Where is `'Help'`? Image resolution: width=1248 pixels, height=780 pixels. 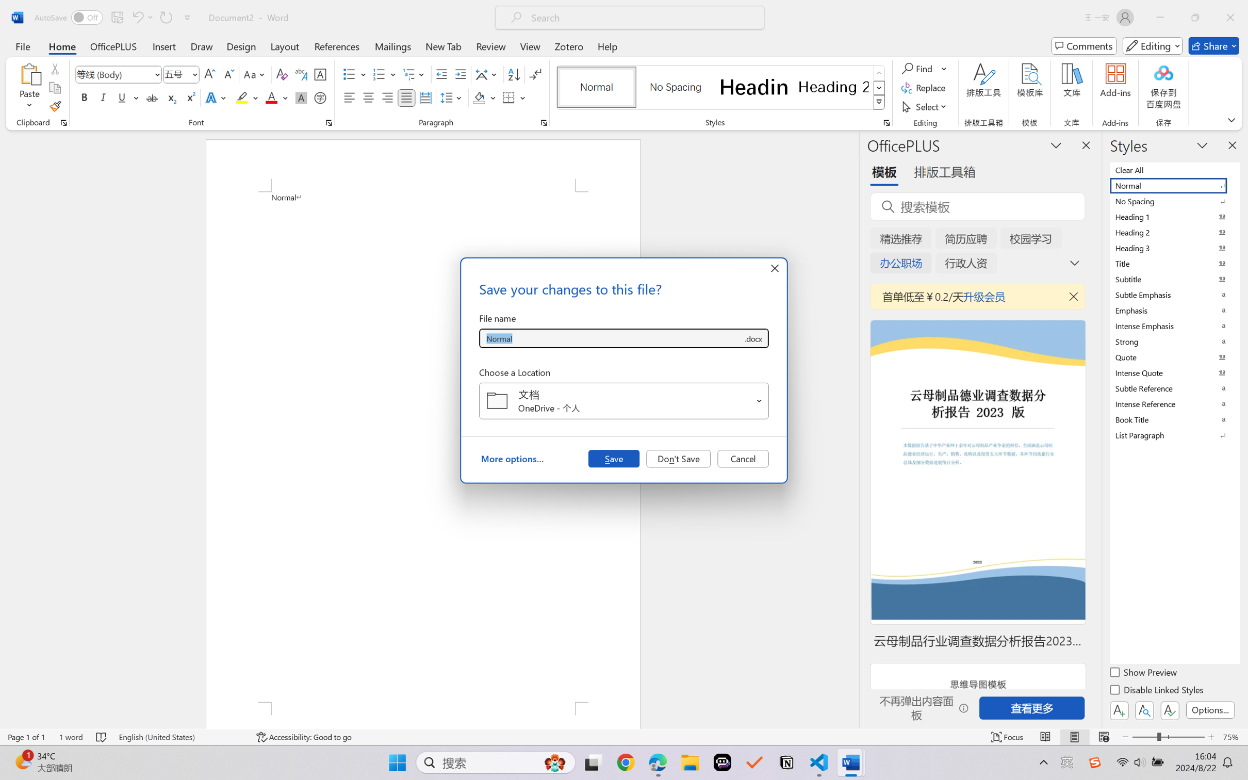 'Help' is located at coordinates (607, 45).